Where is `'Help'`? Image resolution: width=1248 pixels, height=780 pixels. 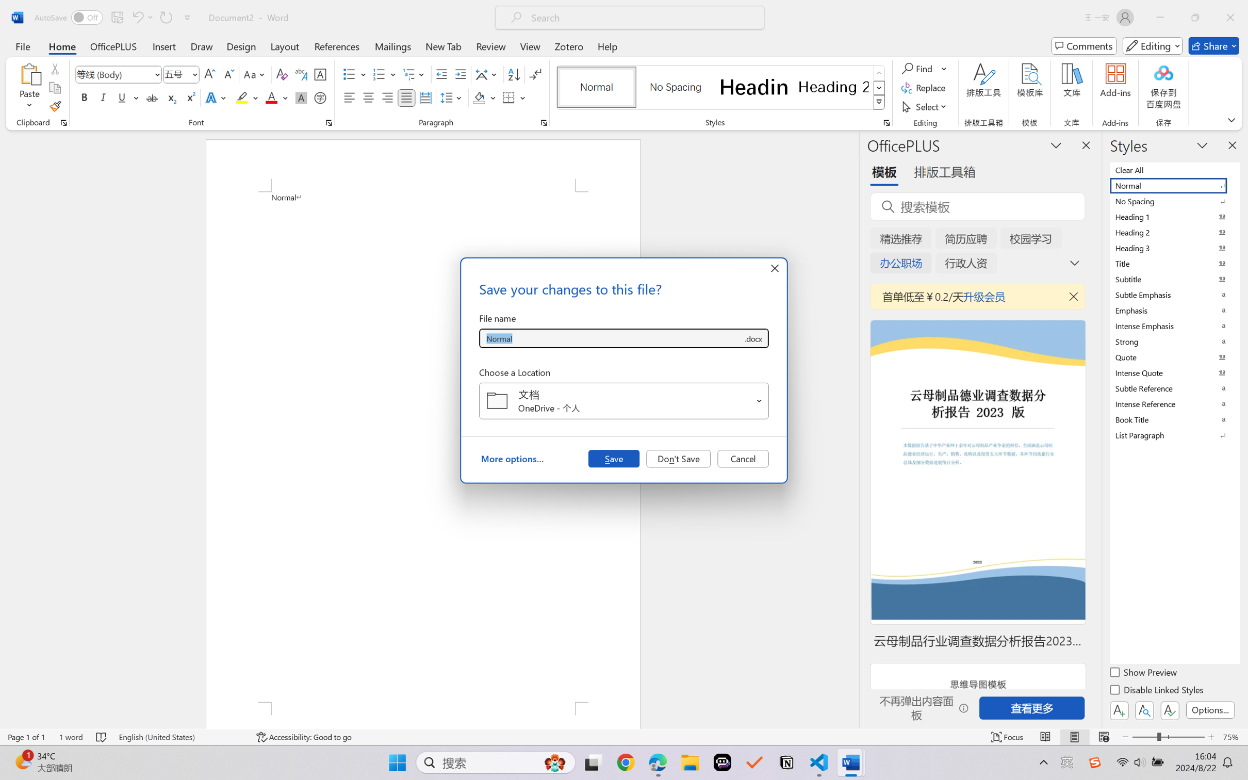 'Help' is located at coordinates (607, 45).